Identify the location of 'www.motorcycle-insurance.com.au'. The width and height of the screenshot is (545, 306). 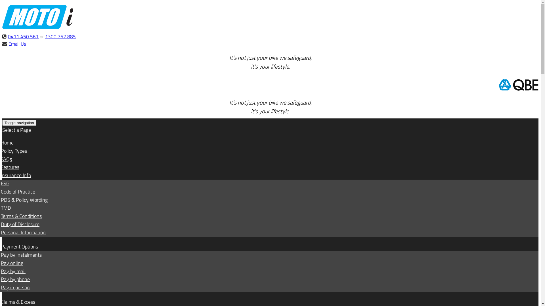
(2, 17).